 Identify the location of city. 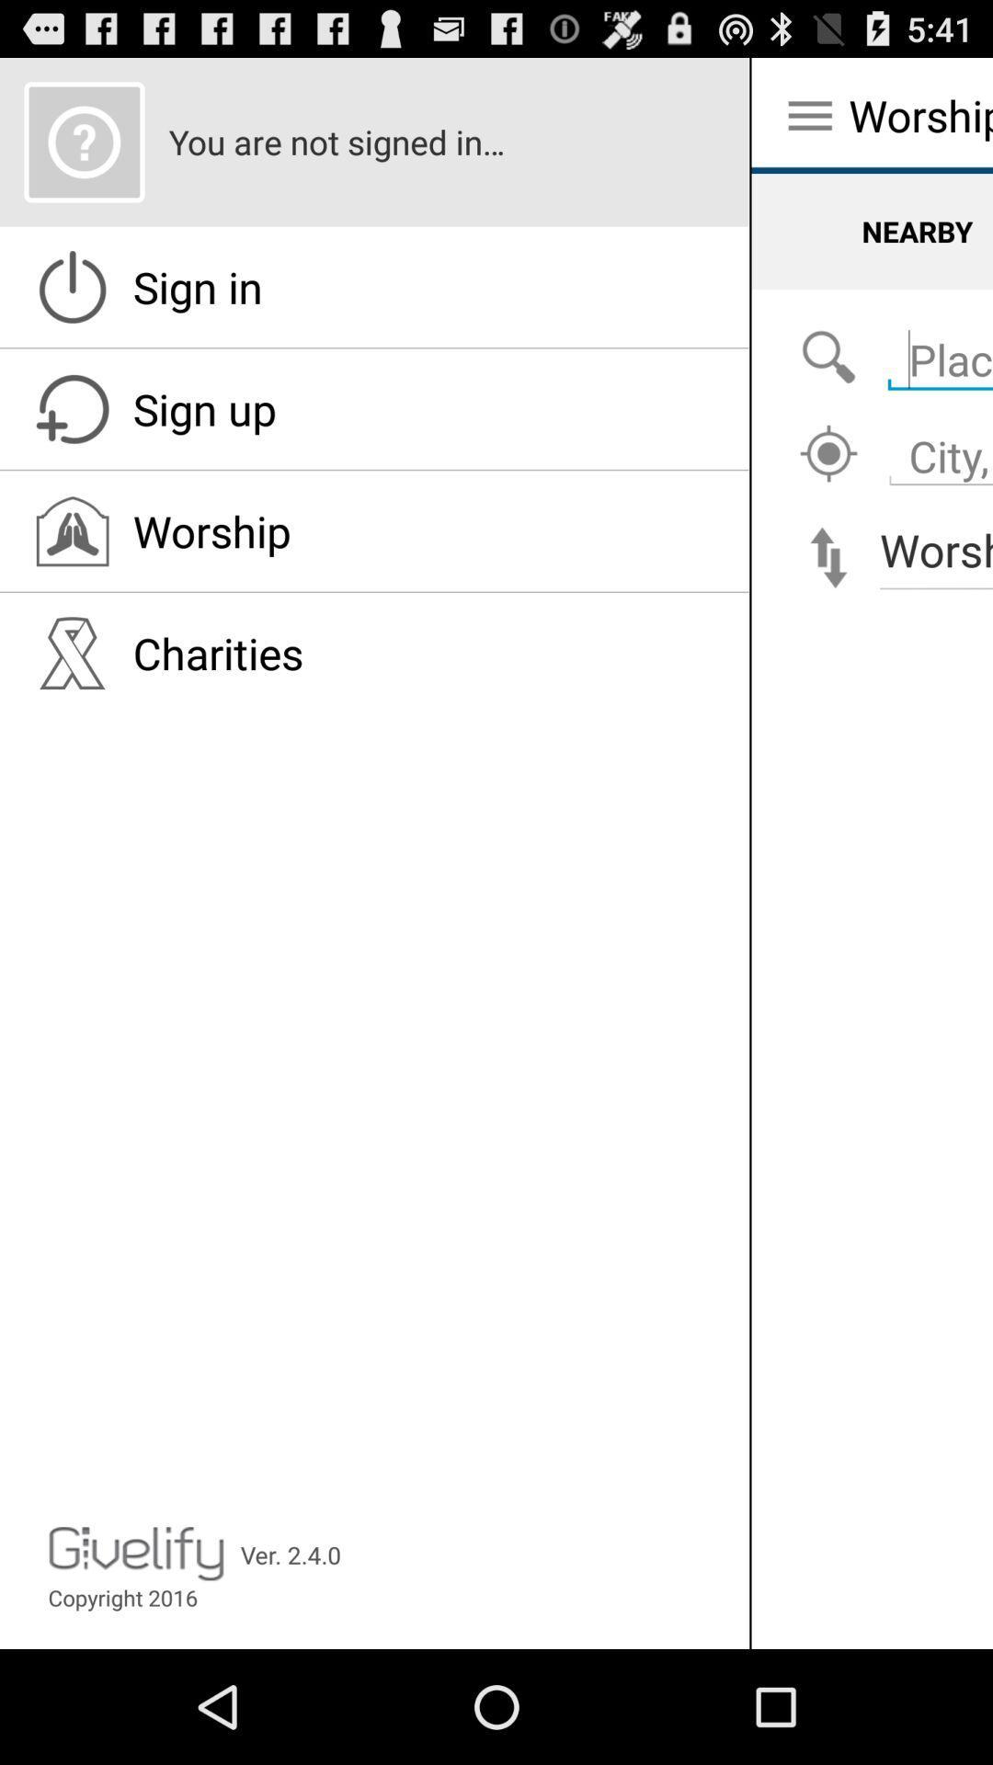
(828, 454).